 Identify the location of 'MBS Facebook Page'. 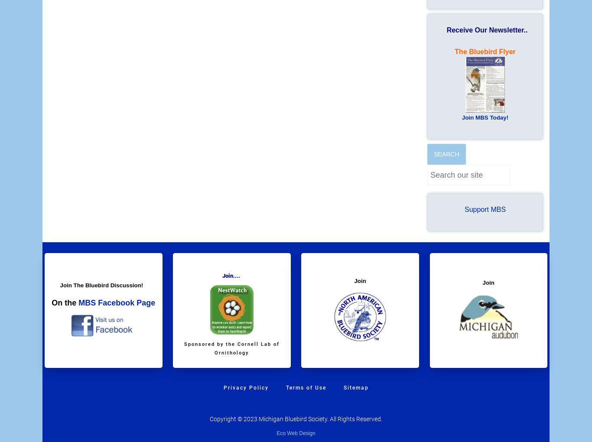
(117, 302).